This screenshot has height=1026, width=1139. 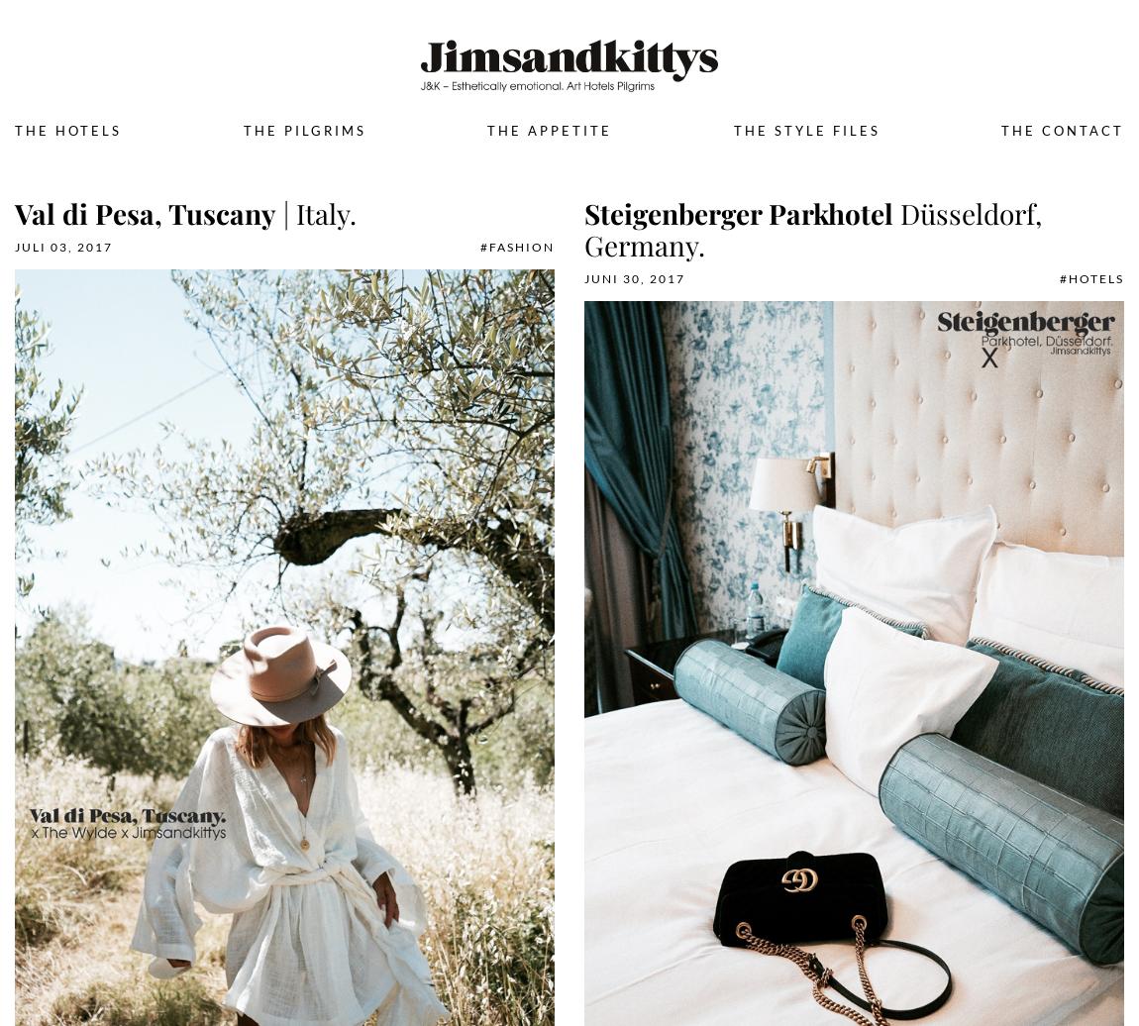 I want to click on 'The Style Files', so click(x=804, y=129).